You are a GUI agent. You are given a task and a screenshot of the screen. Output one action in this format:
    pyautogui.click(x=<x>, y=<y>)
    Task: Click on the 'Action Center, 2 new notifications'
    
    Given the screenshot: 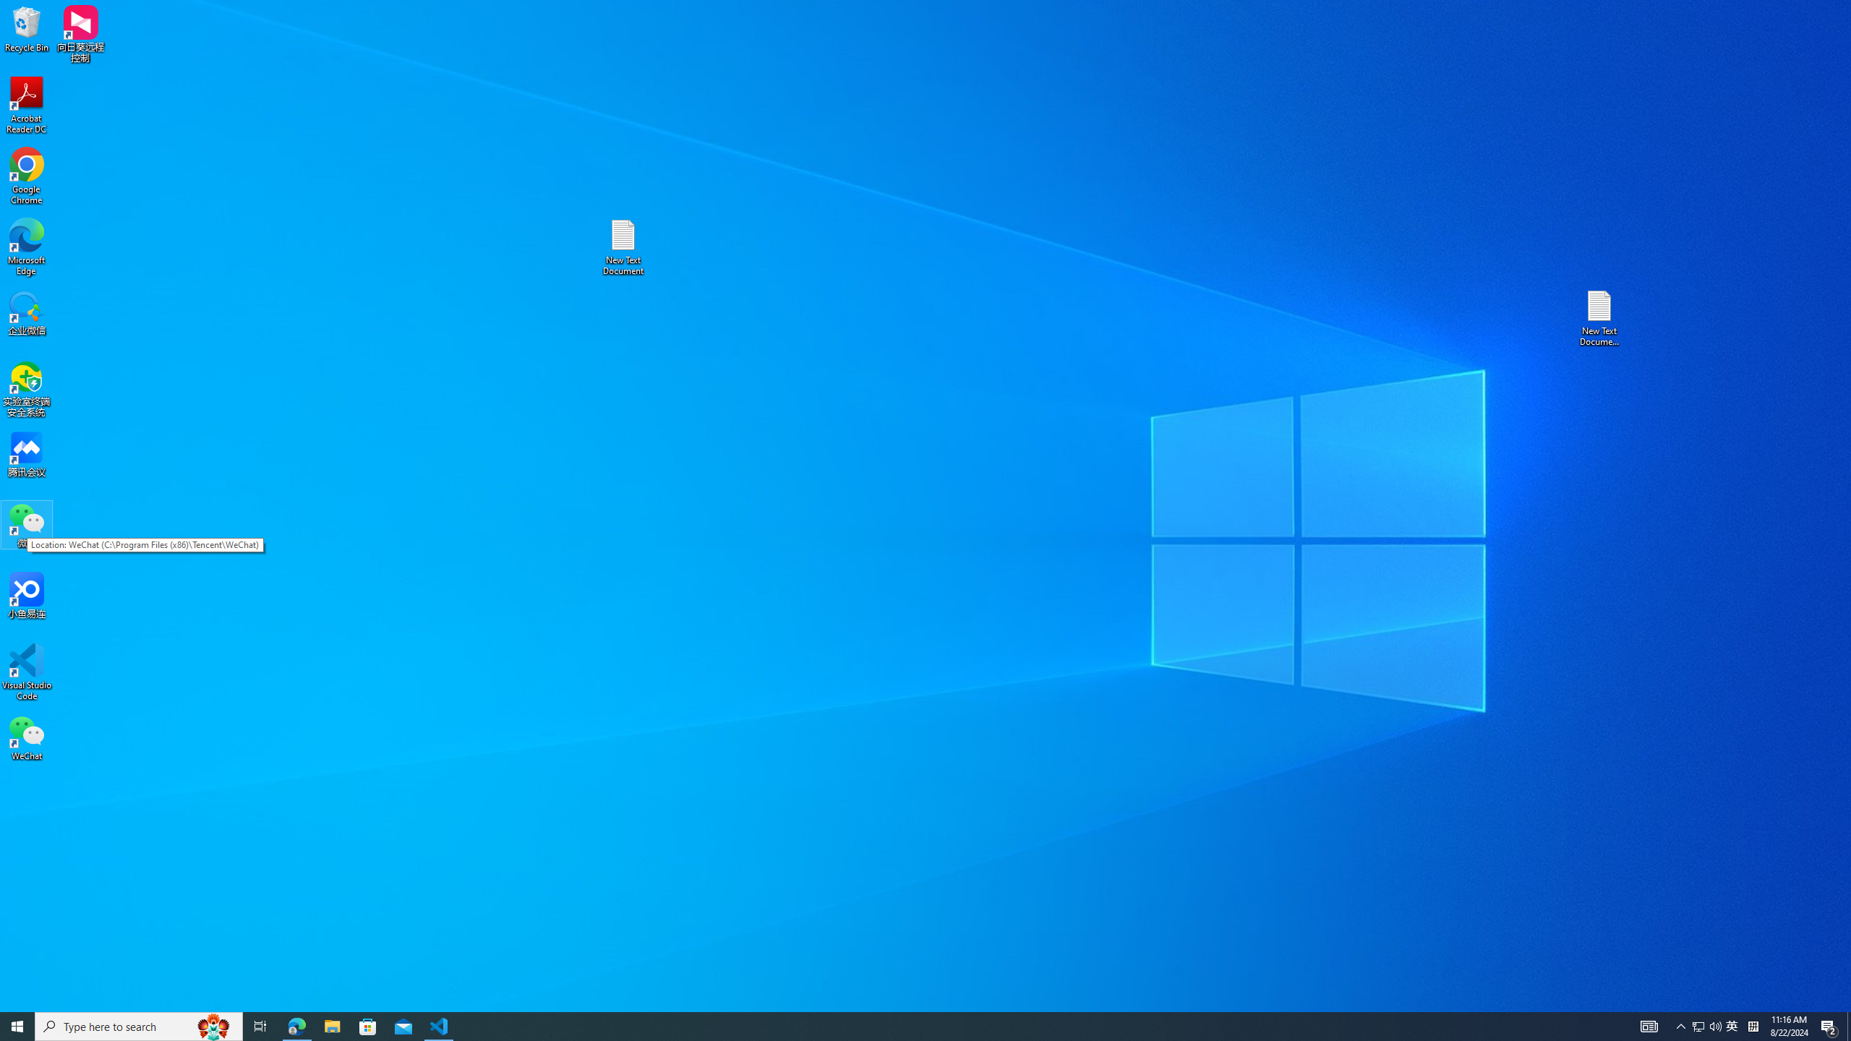 What is the action you would take?
    pyautogui.click(x=1829, y=1025)
    